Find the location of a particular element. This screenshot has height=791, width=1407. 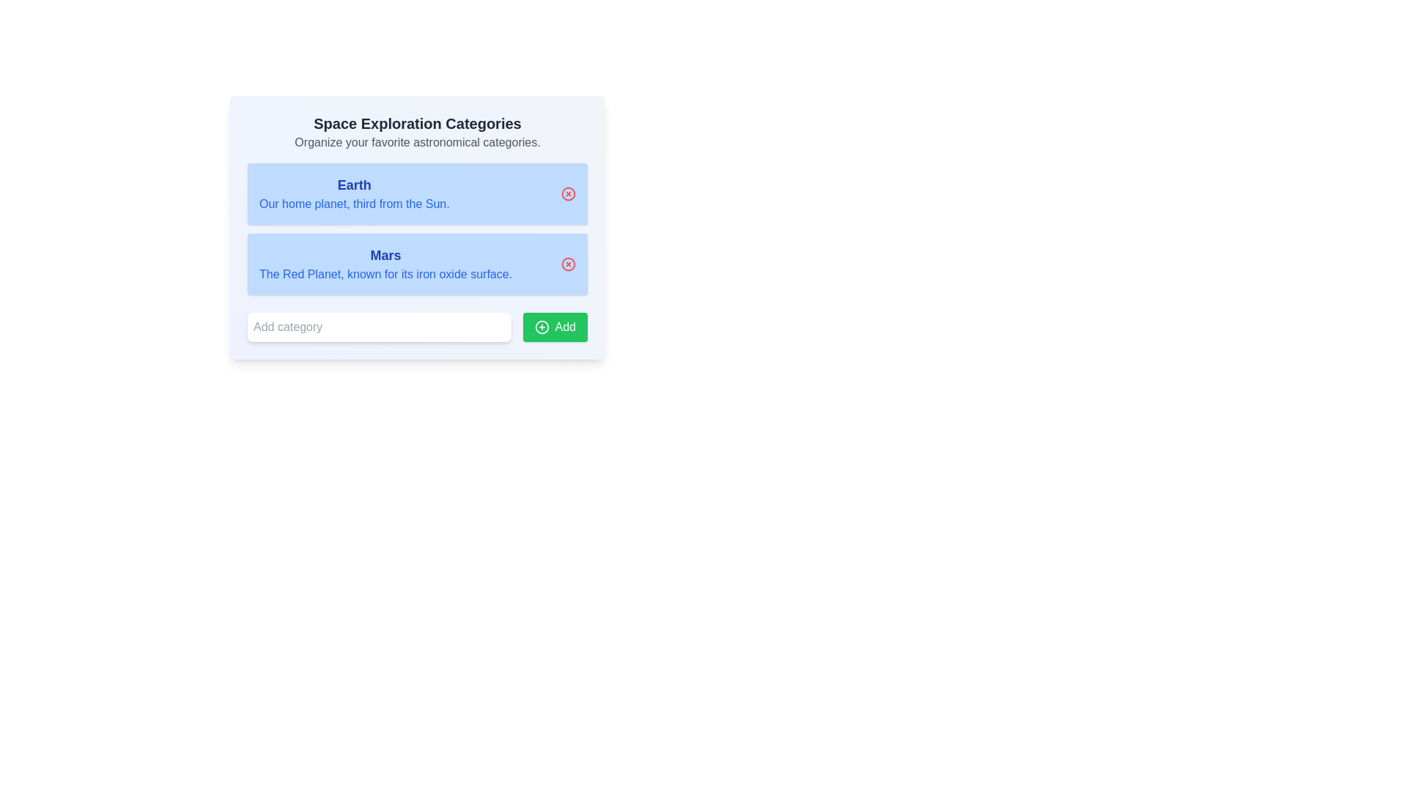

the delete button located in the lower-right corner of the 'Mars' card is located at coordinates (568, 264).